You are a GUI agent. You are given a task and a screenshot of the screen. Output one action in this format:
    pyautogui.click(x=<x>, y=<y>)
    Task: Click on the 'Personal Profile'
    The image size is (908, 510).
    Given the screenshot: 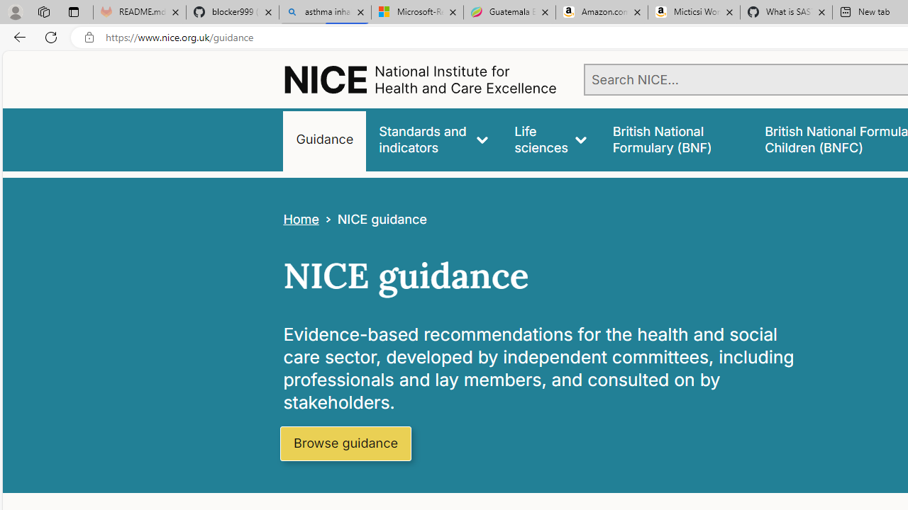 What is the action you would take?
    pyautogui.click(x=15, y=11)
    